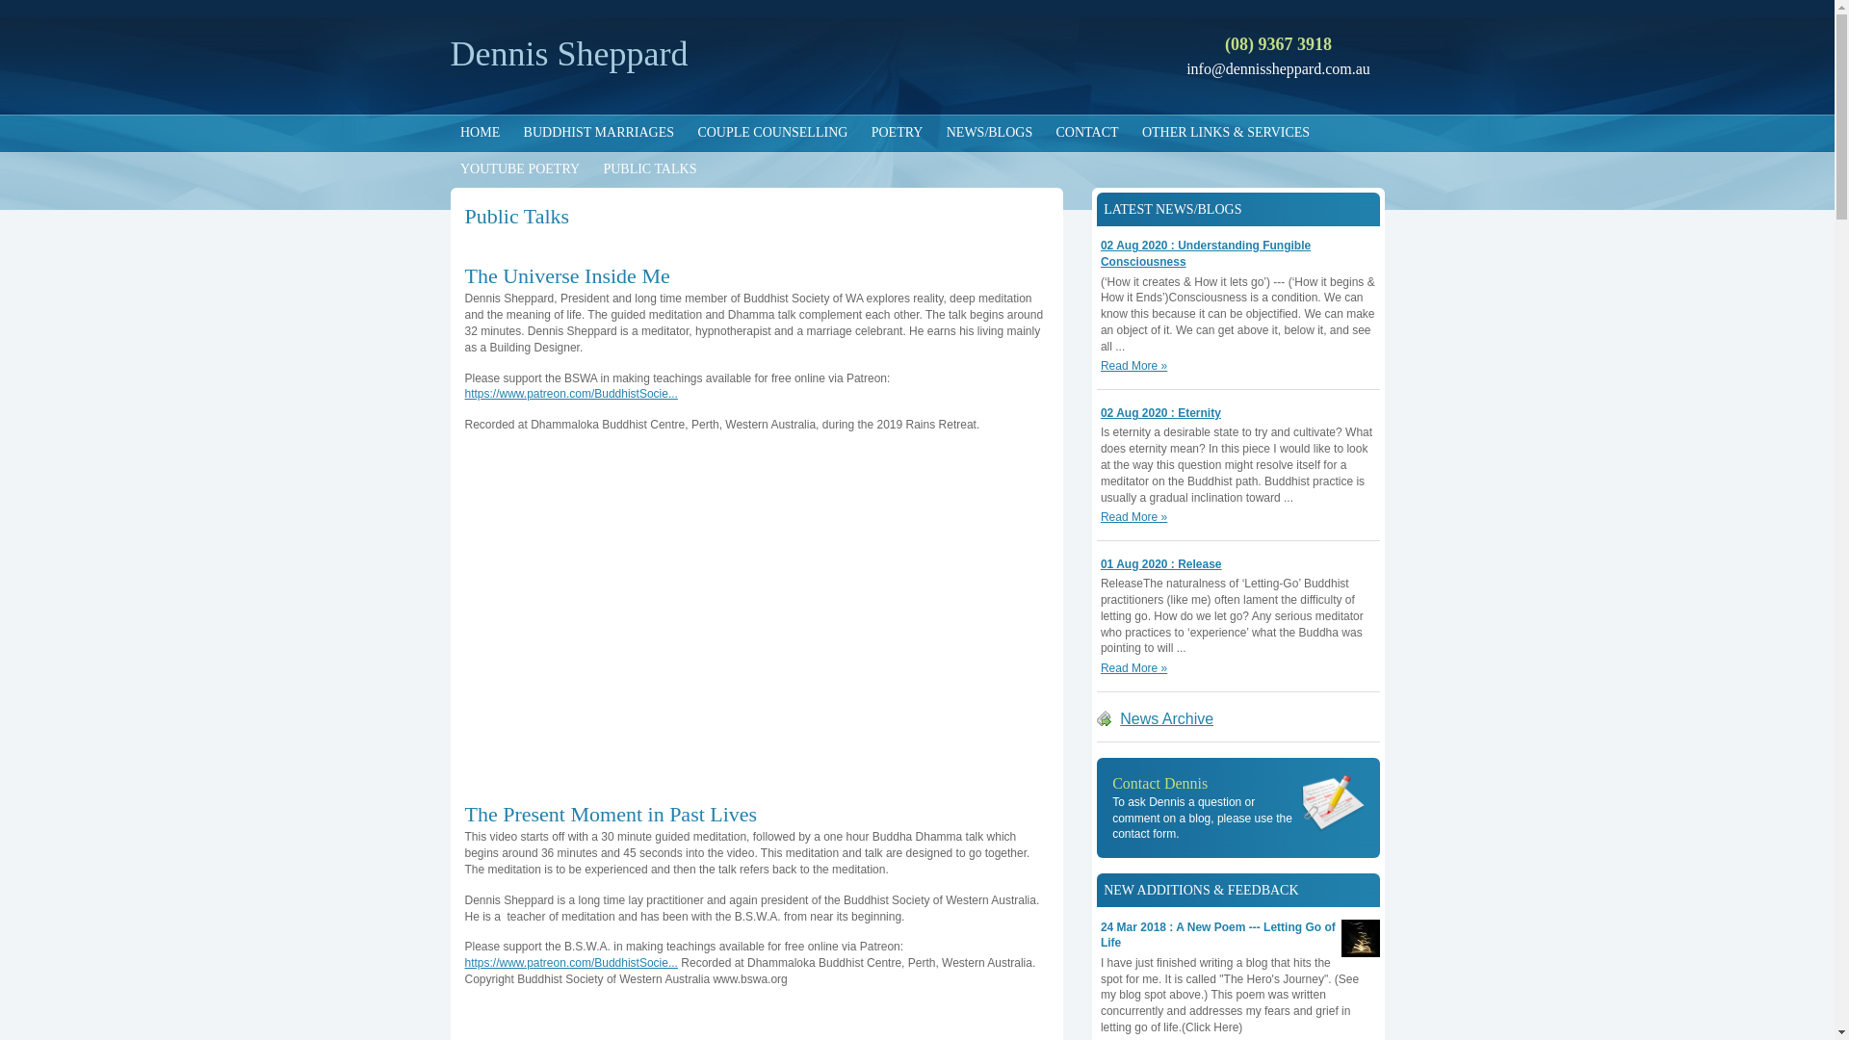 Image resolution: width=1849 pixels, height=1040 pixels. I want to click on 'COUPLE COUNSELLING', so click(688, 132).